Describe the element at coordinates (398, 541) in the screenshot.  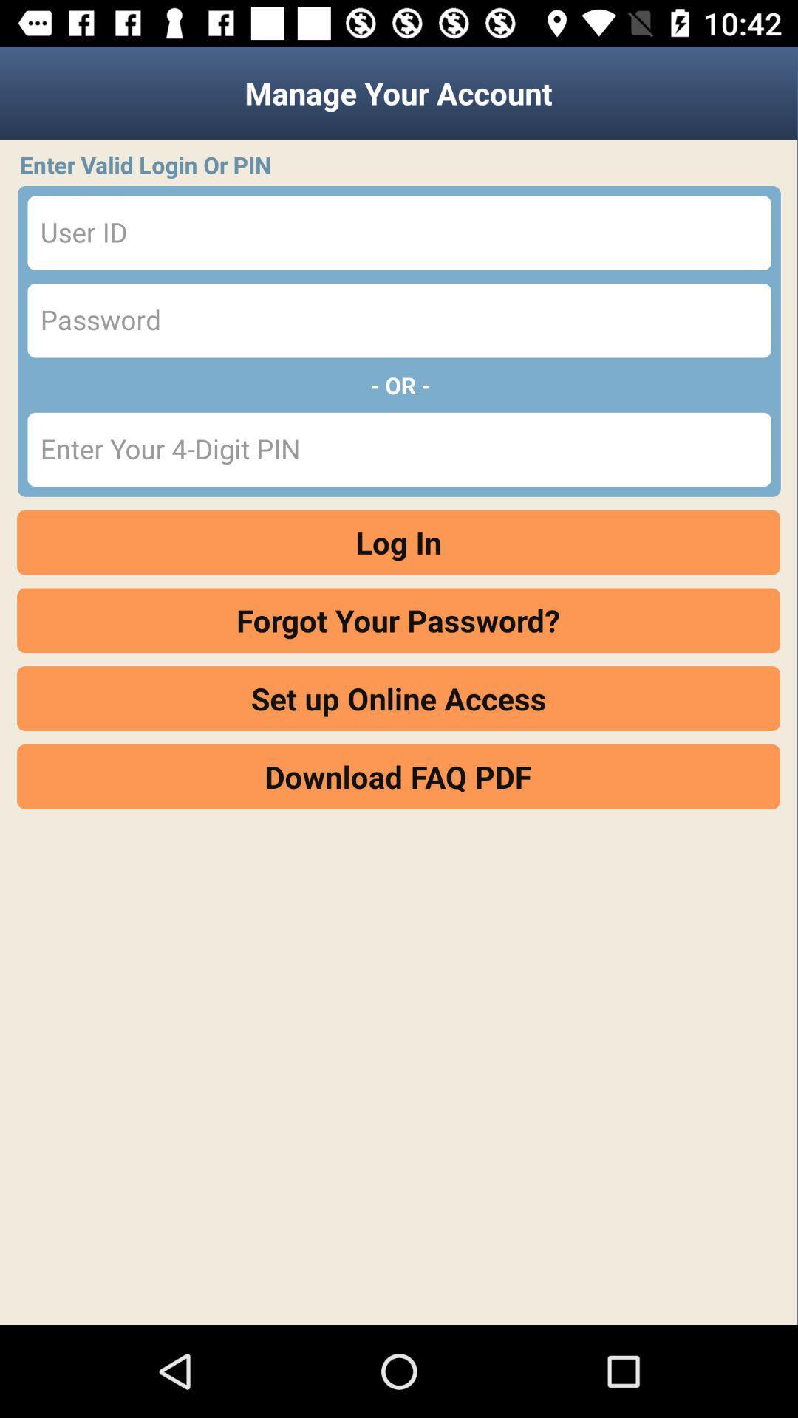
I see `the log in icon` at that location.